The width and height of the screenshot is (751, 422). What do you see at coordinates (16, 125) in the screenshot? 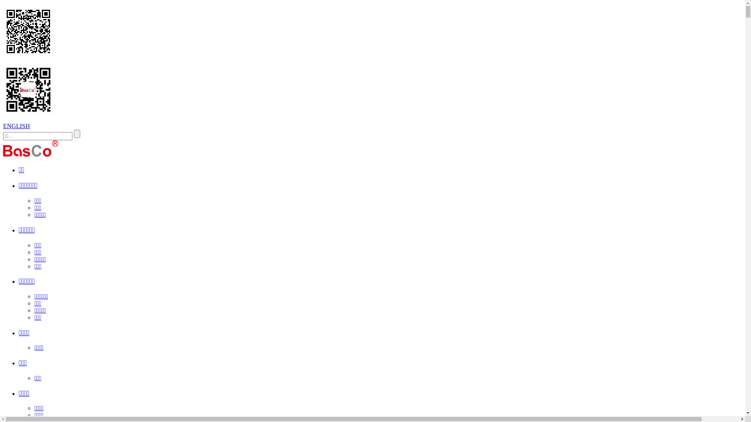
I see `'ENGLISH'` at bounding box center [16, 125].